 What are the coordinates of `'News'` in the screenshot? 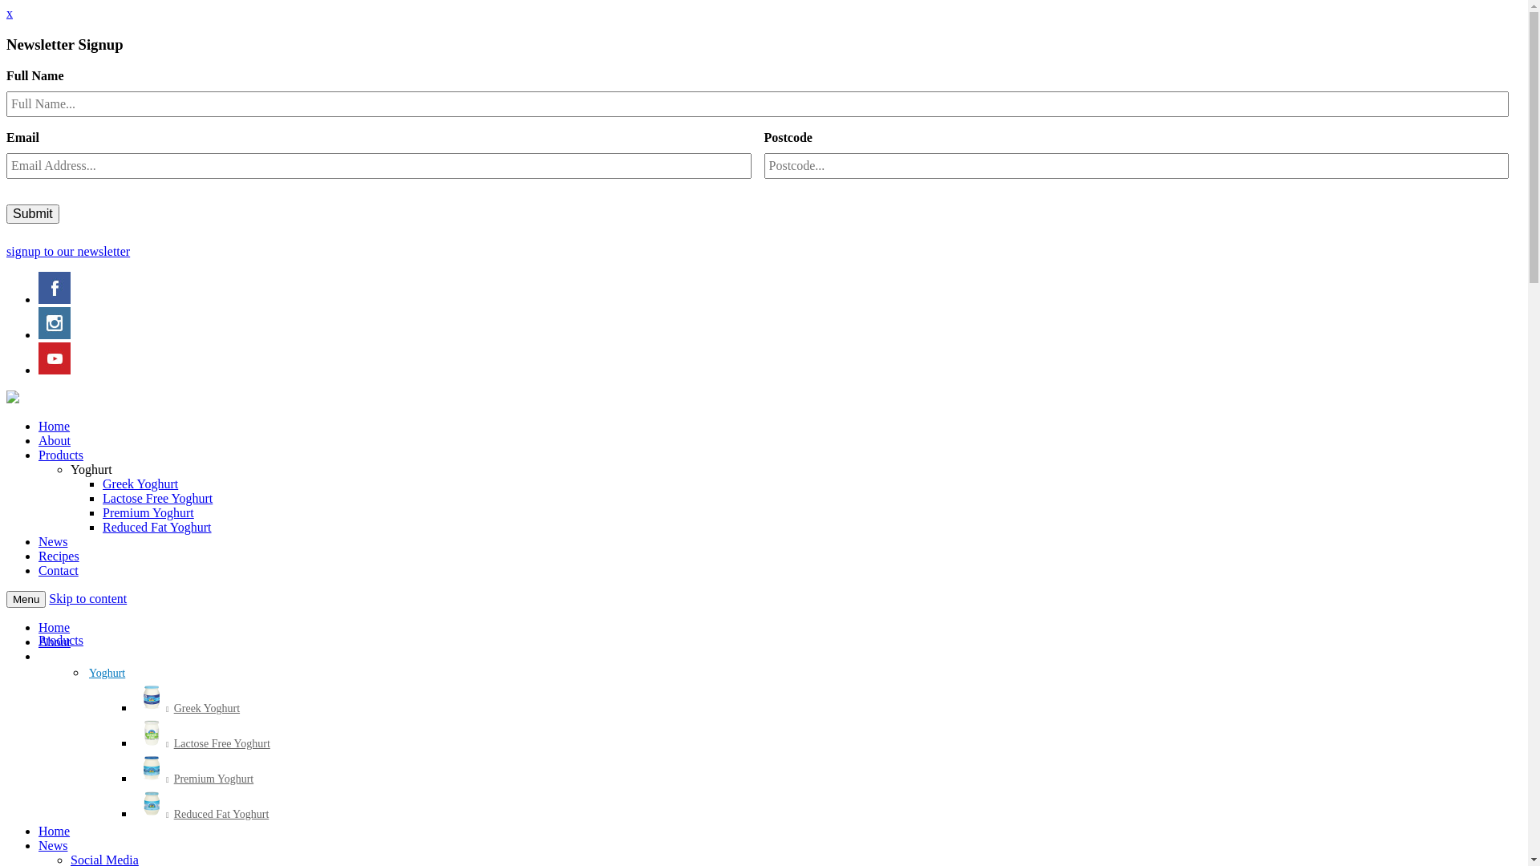 It's located at (53, 541).